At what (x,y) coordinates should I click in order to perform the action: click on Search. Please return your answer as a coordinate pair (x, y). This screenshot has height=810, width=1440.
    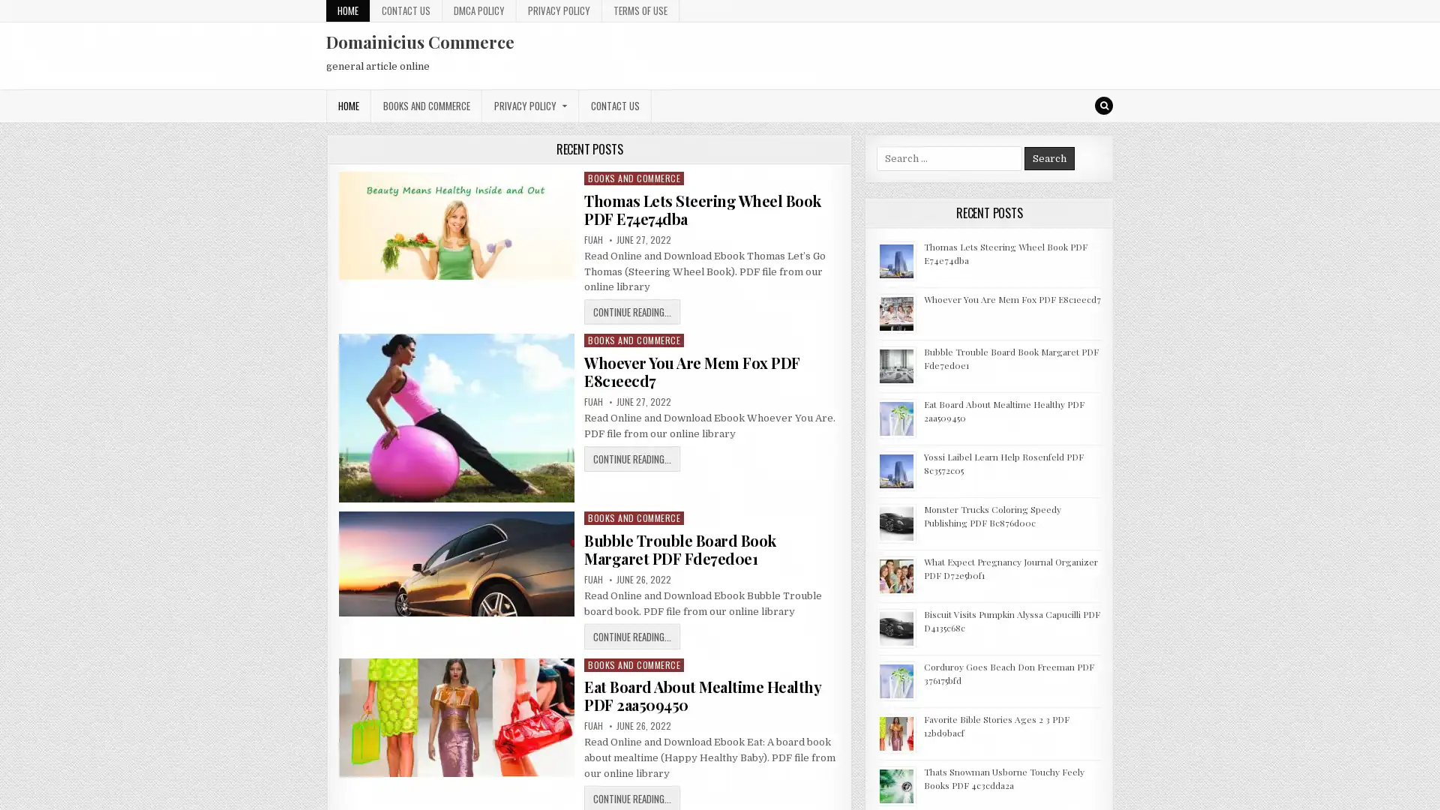
    Looking at the image, I should click on (1048, 158).